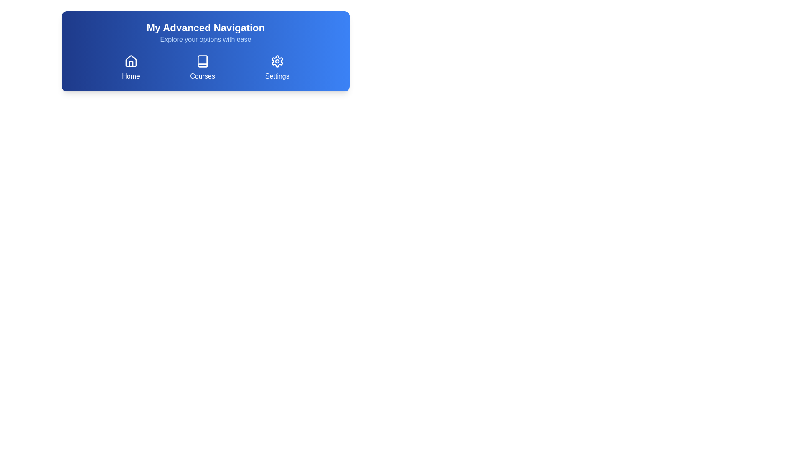 Image resolution: width=802 pixels, height=451 pixels. I want to click on the 'Settings' button in the navigation bar, so click(277, 67).